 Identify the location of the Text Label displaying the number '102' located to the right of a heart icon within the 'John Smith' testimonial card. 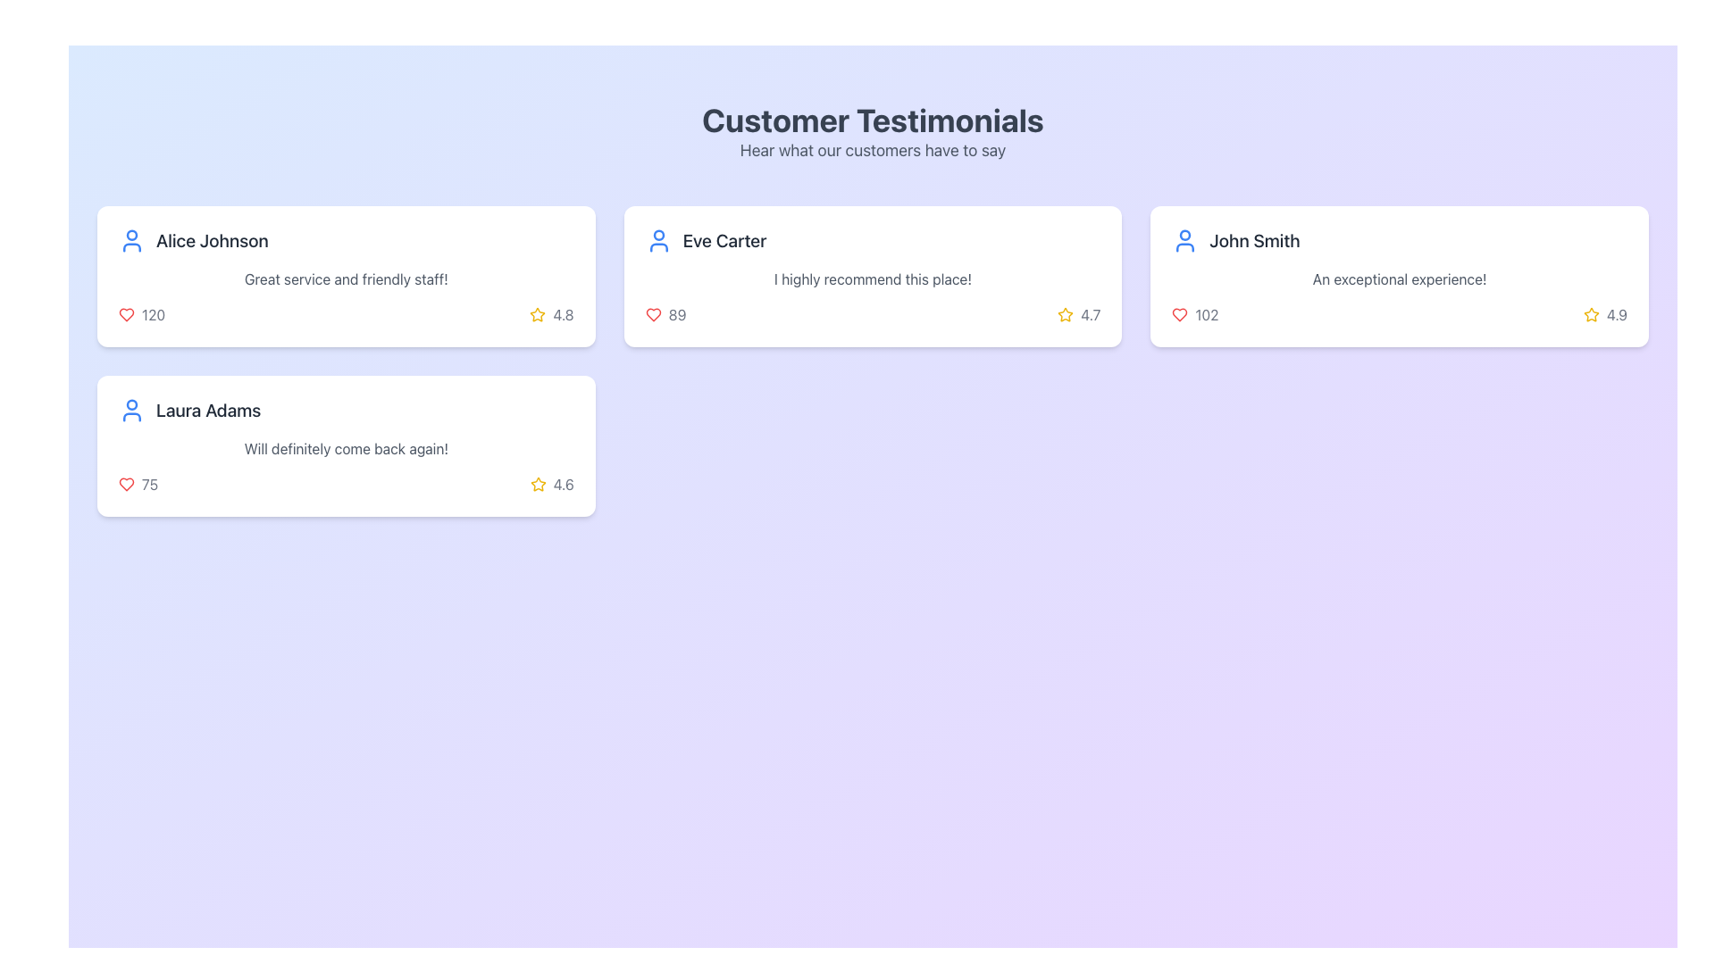
(1207, 314).